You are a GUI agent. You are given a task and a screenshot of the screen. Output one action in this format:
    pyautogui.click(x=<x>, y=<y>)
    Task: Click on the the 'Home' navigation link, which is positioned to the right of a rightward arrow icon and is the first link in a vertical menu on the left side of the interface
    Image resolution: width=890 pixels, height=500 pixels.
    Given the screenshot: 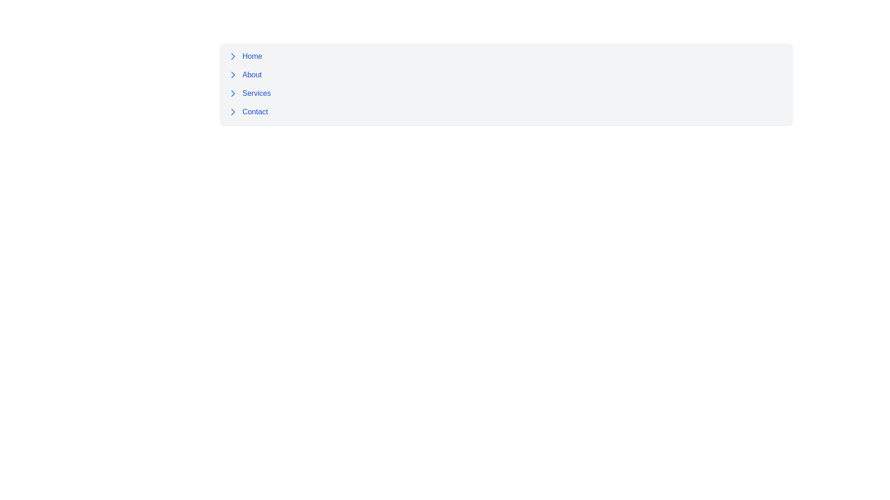 What is the action you would take?
    pyautogui.click(x=252, y=56)
    